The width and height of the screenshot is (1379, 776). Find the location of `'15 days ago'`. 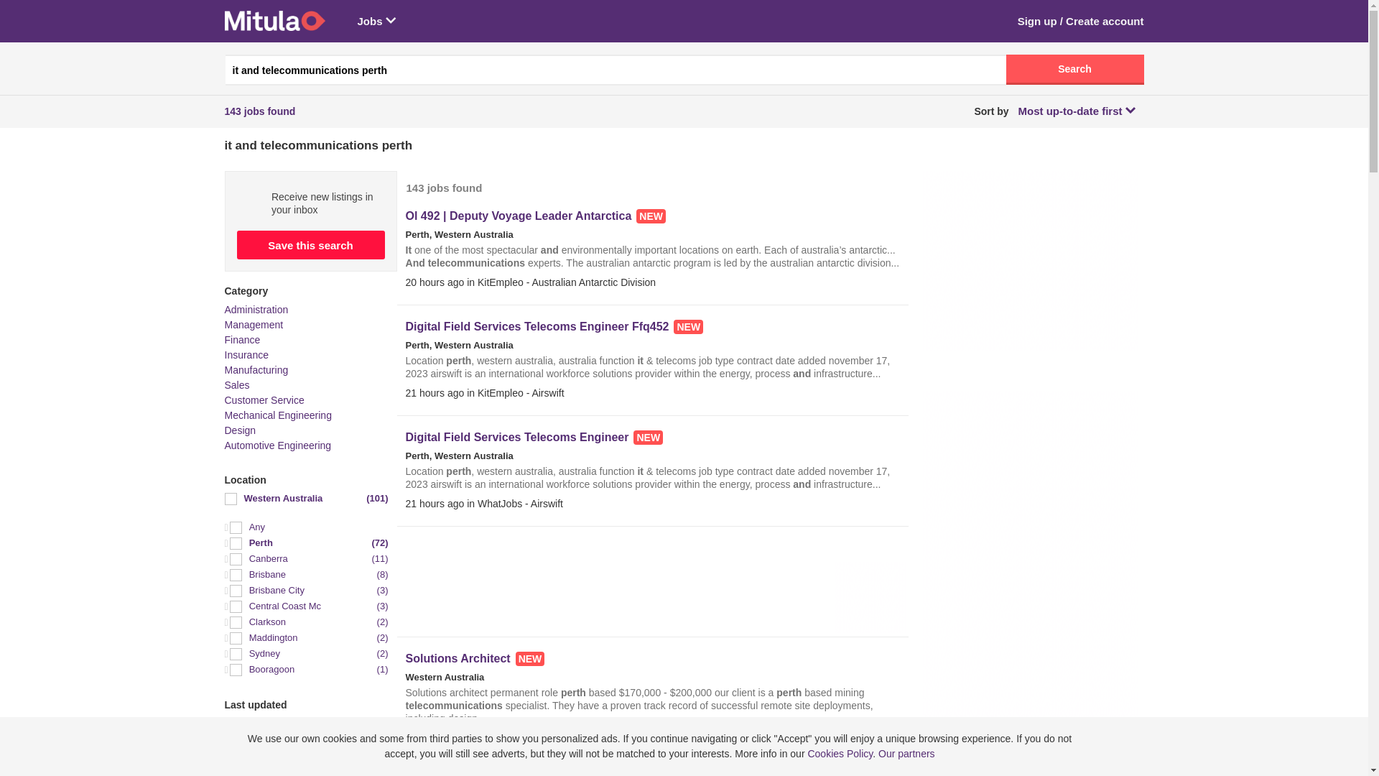

'15 days ago' is located at coordinates (305, 754).